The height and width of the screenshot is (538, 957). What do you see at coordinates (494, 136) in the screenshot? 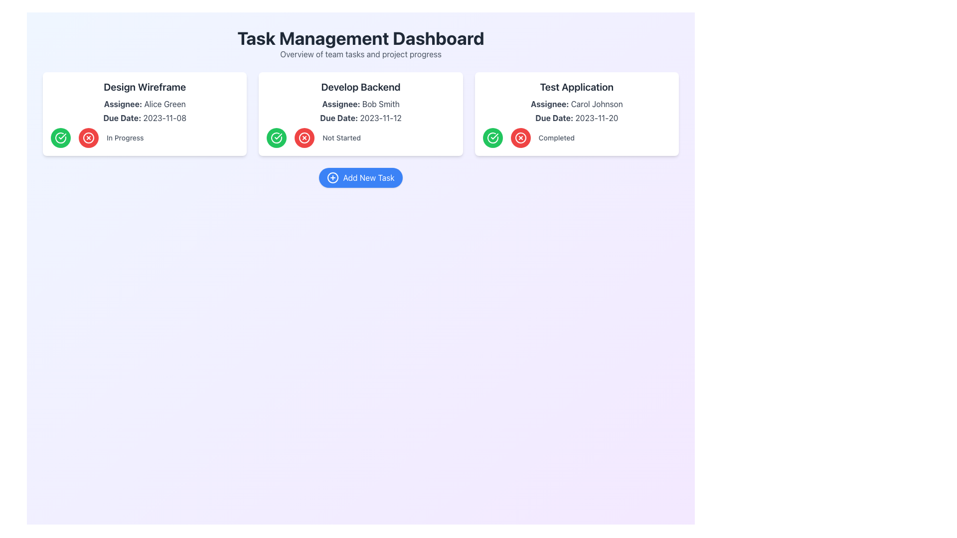
I see `the completion status icon located in the 'Test Application' task card on the Task Management Dashboard` at bounding box center [494, 136].